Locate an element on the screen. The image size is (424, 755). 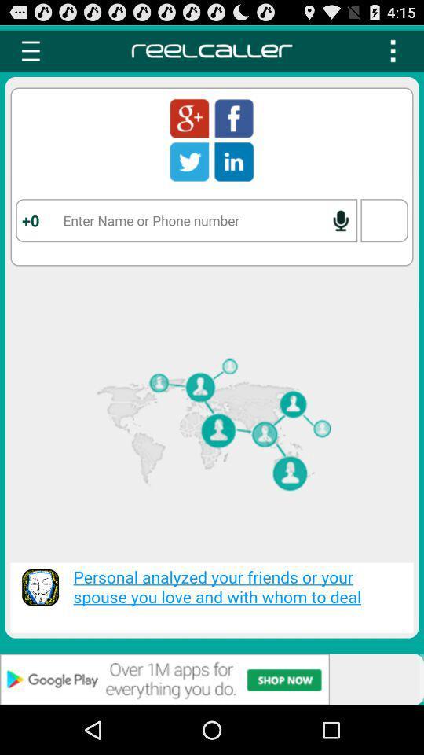
enable speech to text is located at coordinates (340, 219).